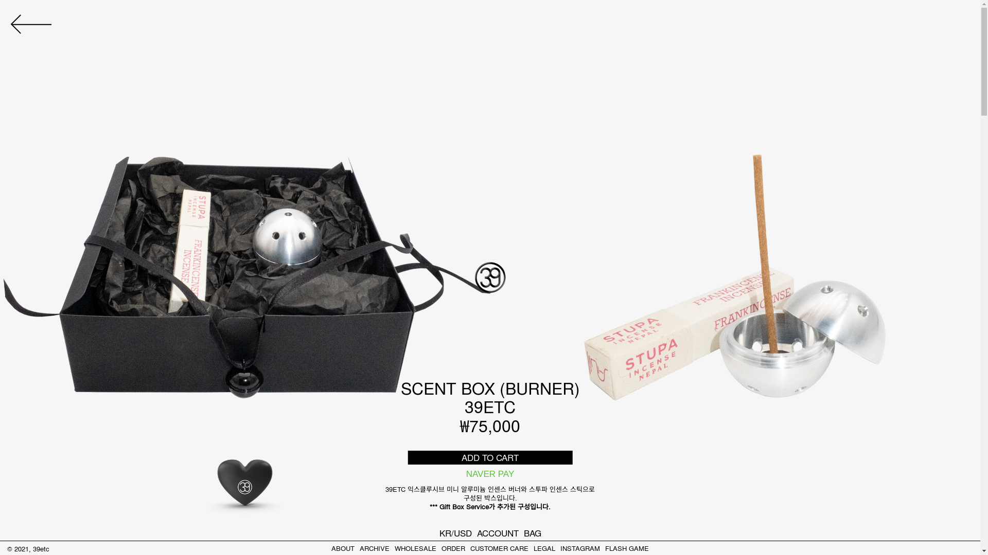 The image size is (988, 555). I want to click on 'FLASH GAME', so click(626, 547).